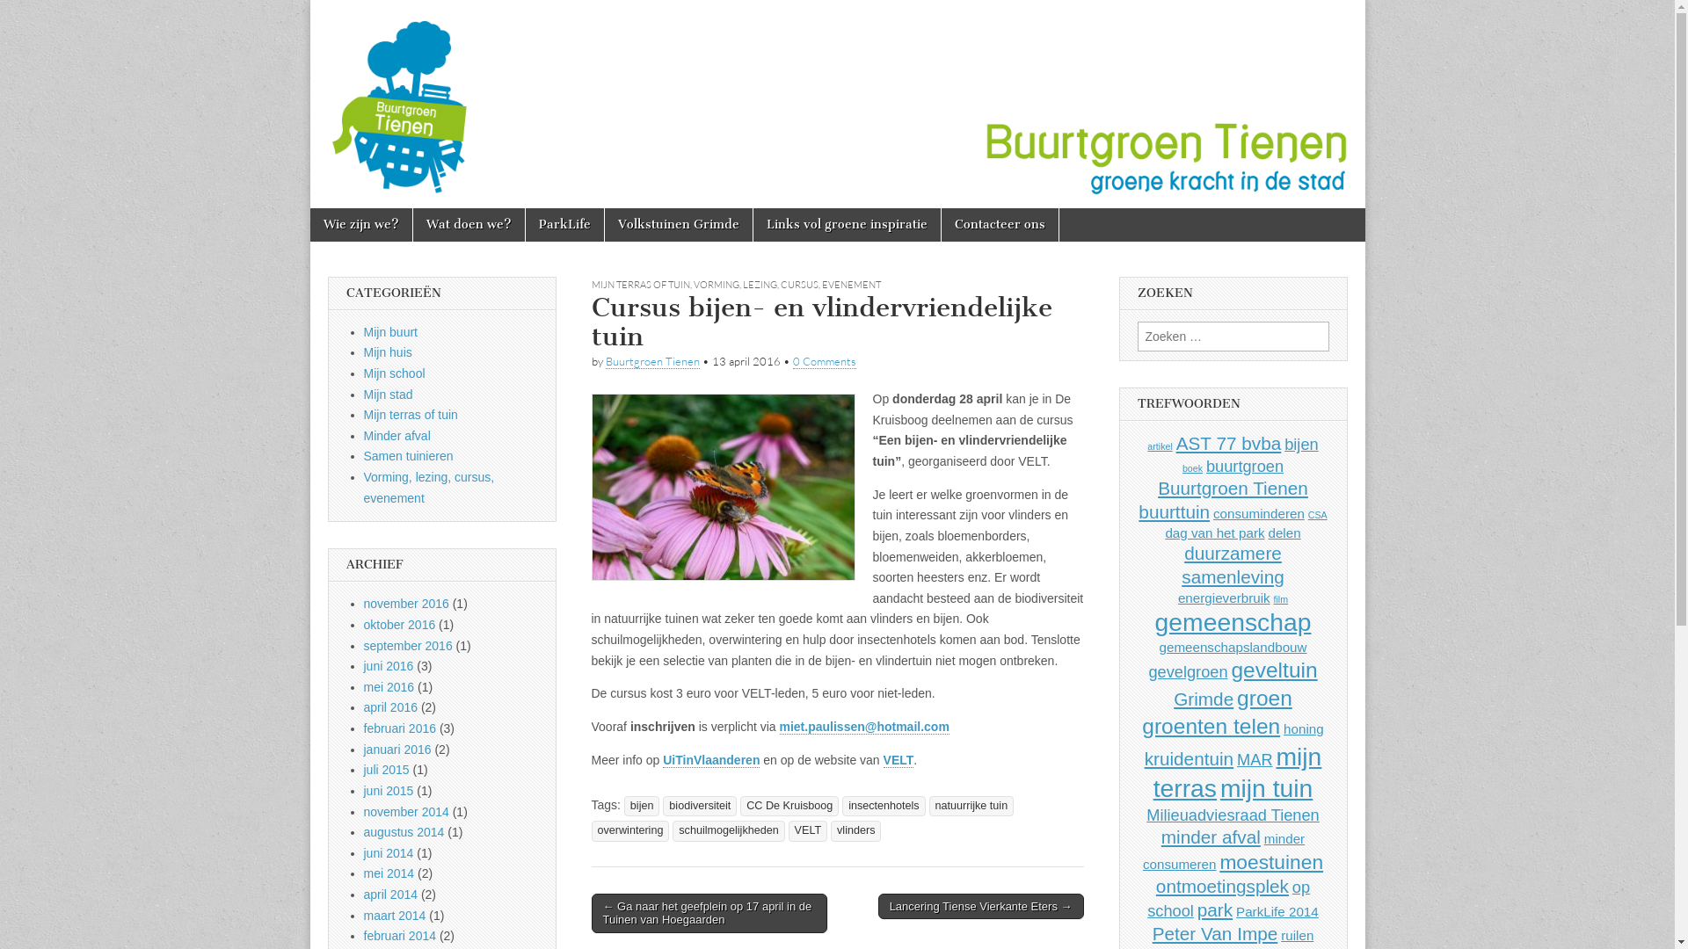 The image size is (1688, 949). What do you see at coordinates (410, 414) in the screenshot?
I see `'Mijn terras of tuin'` at bounding box center [410, 414].